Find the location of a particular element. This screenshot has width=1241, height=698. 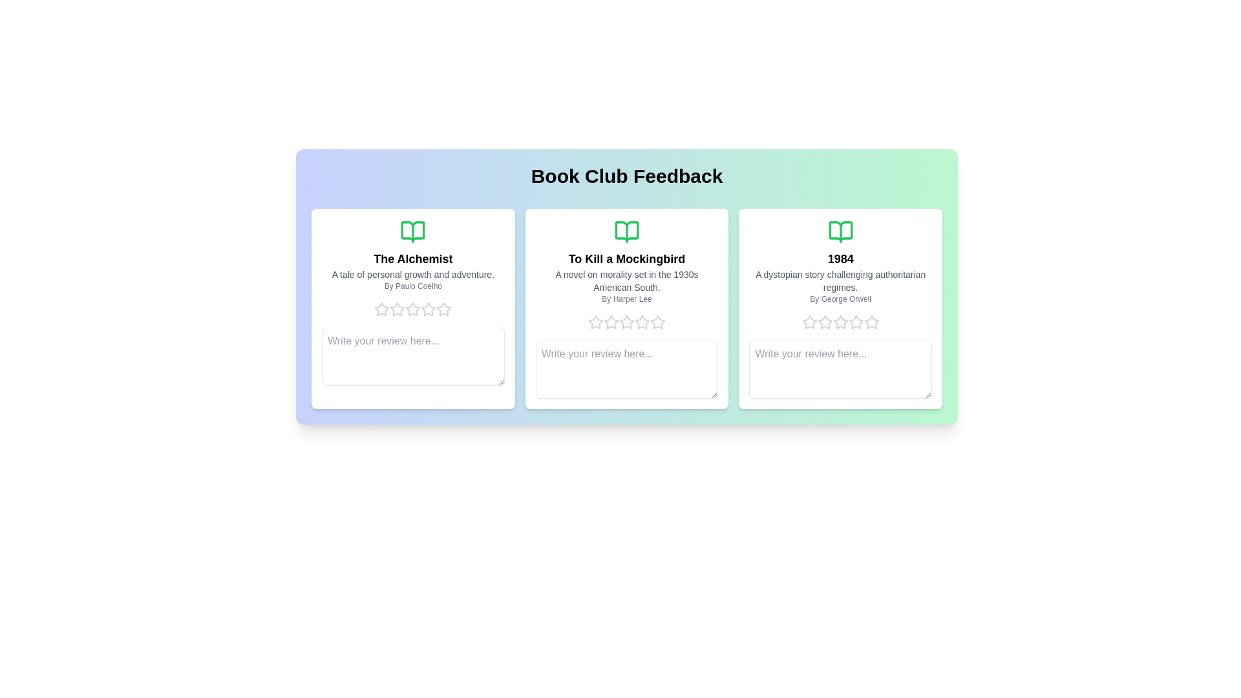

the static graphic icon resembling an open book with rounded edges, which is located at the top-center of the first card above the title 'The Alchemist' is located at coordinates (412, 231).